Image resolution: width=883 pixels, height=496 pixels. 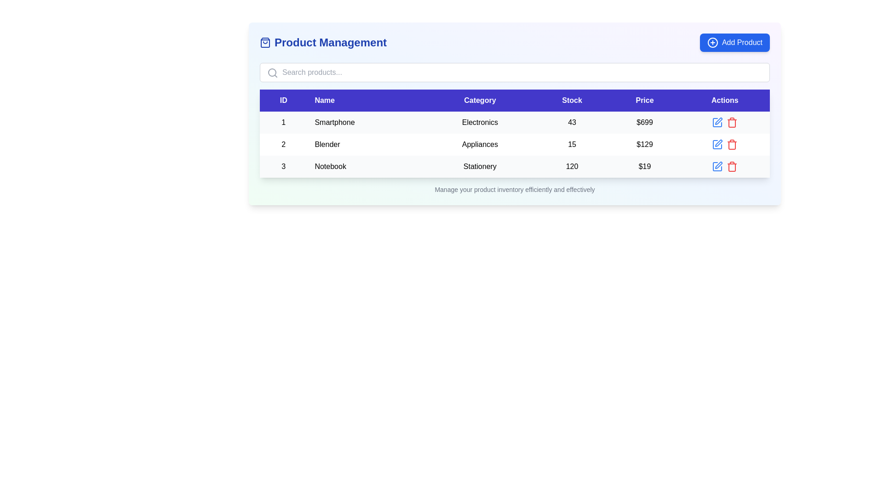 What do you see at coordinates (571, 145) in the screenshot?
I see `the stock quantity text label for the product 'Blender', located under the 'Stock' column in the second row of the table` at bounding box center [571, 145].